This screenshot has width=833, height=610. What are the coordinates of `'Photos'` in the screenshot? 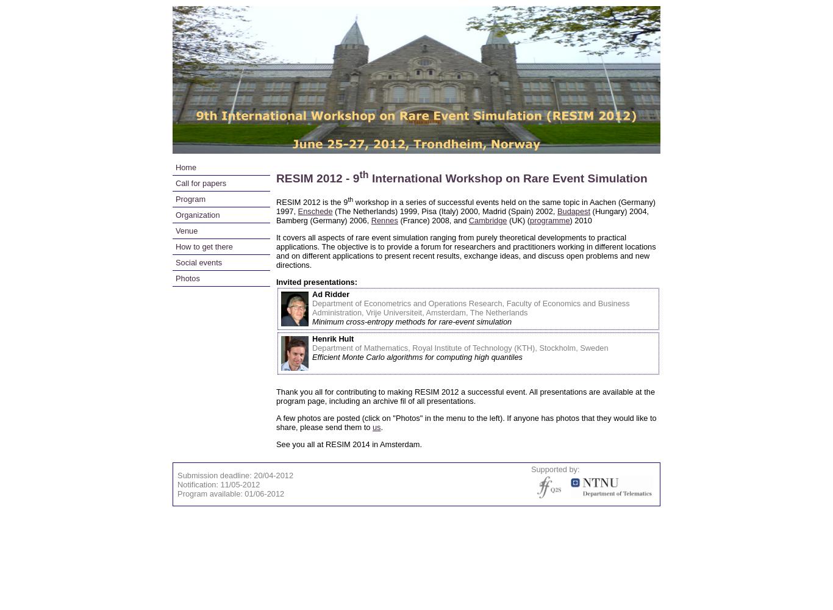 It's located at (187, 278).